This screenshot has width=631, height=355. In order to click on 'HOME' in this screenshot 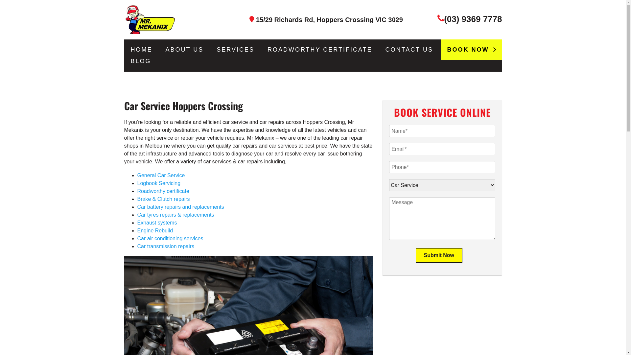, I will do `click(131, 49)`.